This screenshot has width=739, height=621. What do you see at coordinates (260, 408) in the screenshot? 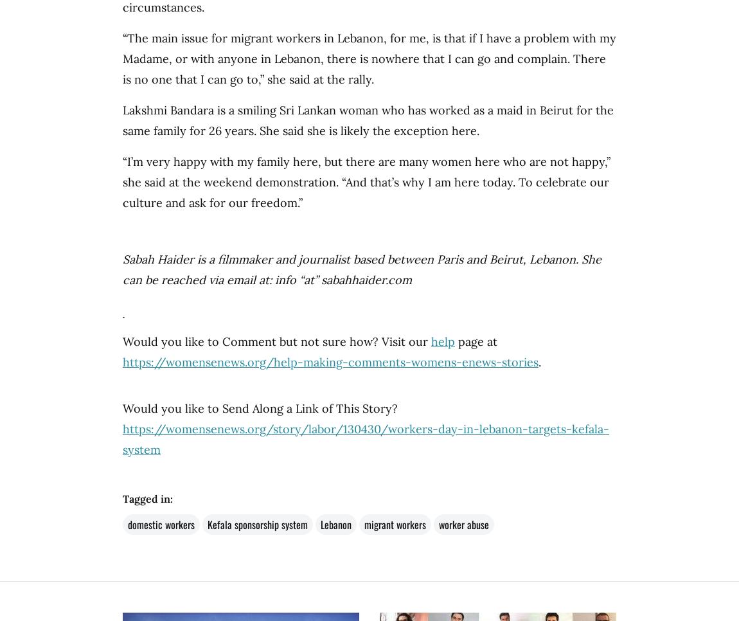
I see `'Would you like to Send Along a Link of This Story?'` at bounding box center [260, 408].